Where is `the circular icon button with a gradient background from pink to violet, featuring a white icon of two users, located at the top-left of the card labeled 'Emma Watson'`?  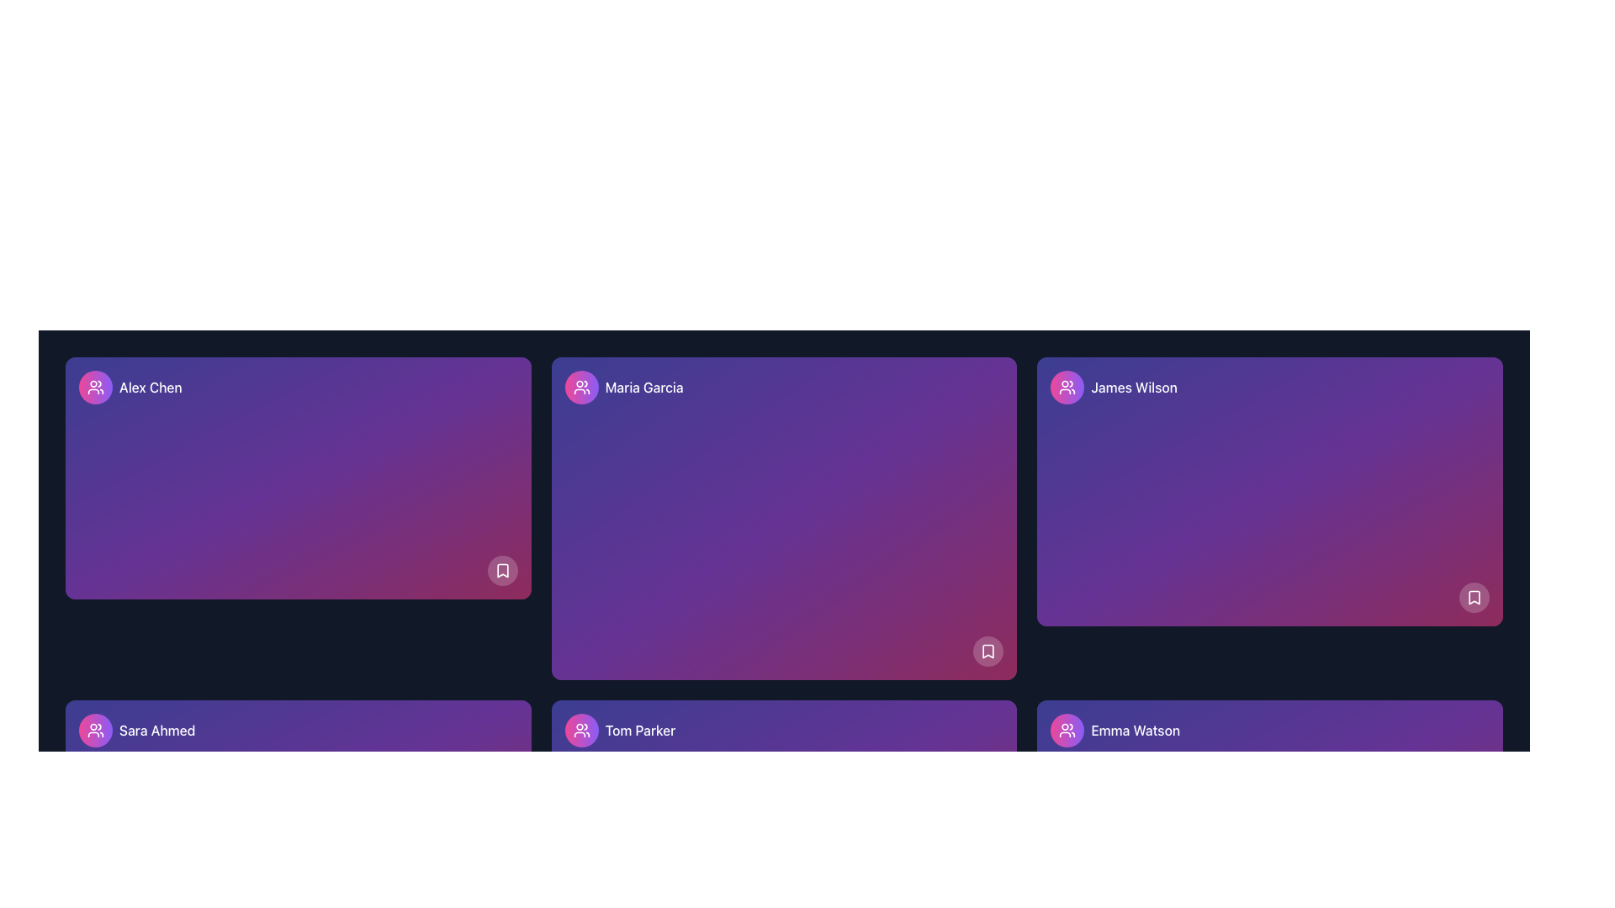 the circular icon button with a gradient background from pink to violet, featuring a white icon of two users, located at the top-left of the card labeled 'Emma Watson' is located at coordinates (1067, 729).